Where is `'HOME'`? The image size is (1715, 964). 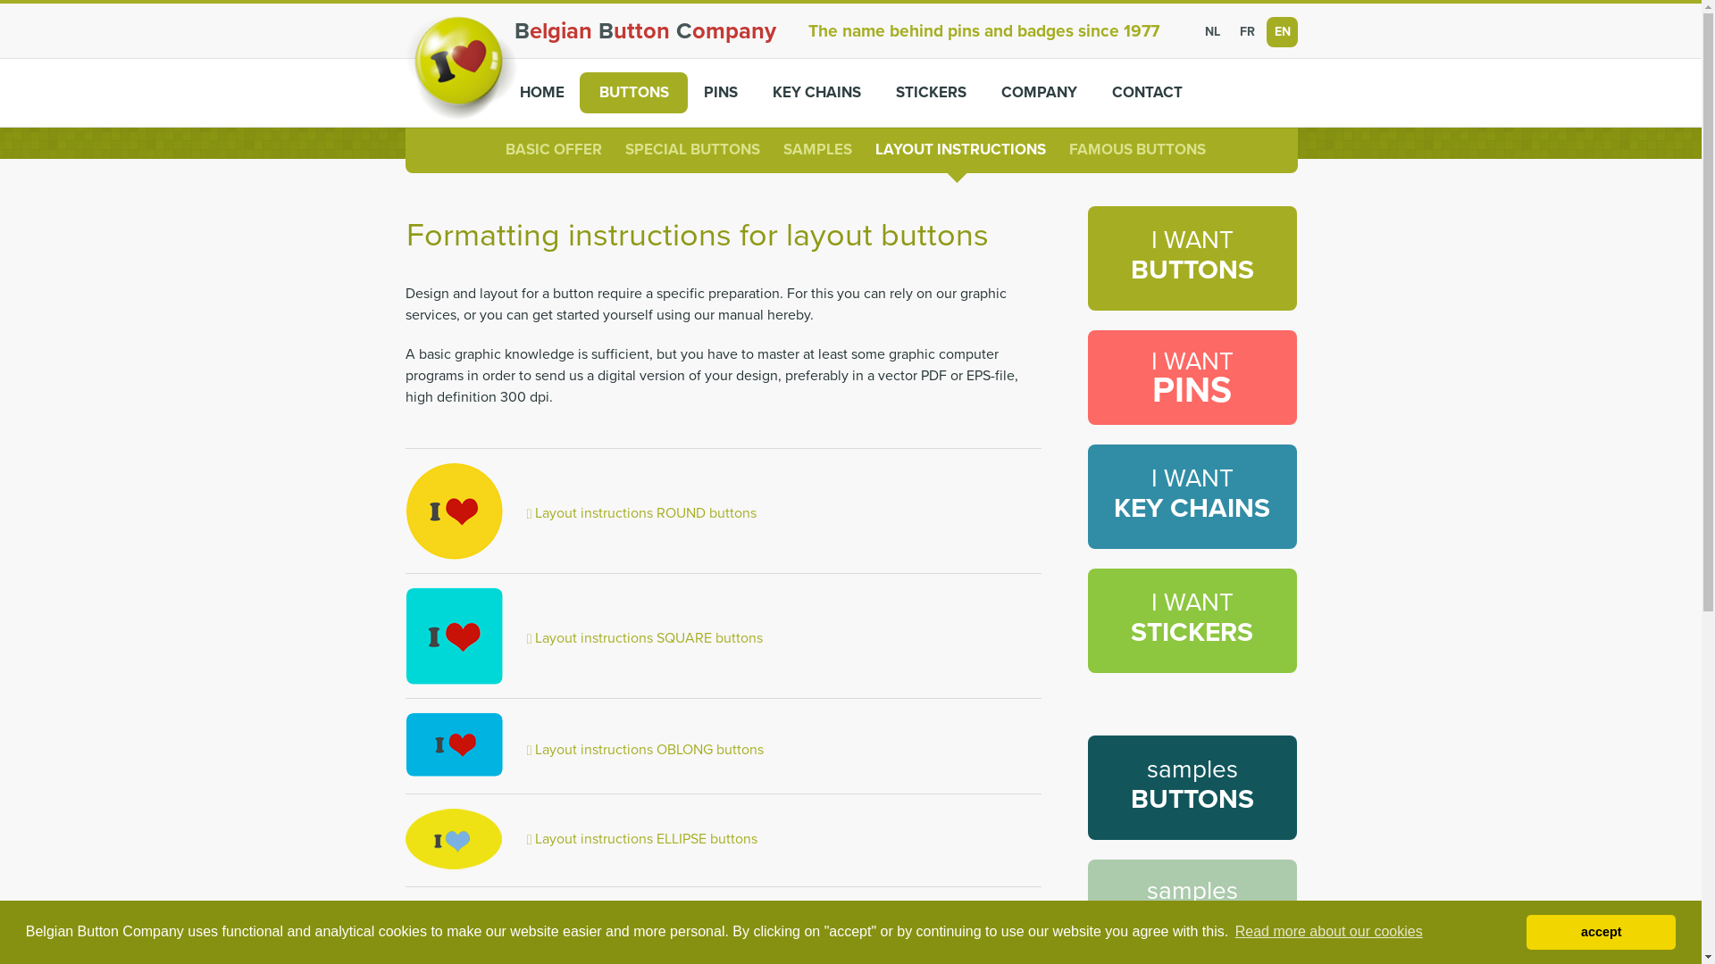 'HOME' is located at coordinates (540, 93).